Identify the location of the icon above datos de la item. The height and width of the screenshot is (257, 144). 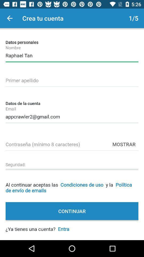
(72, 79).